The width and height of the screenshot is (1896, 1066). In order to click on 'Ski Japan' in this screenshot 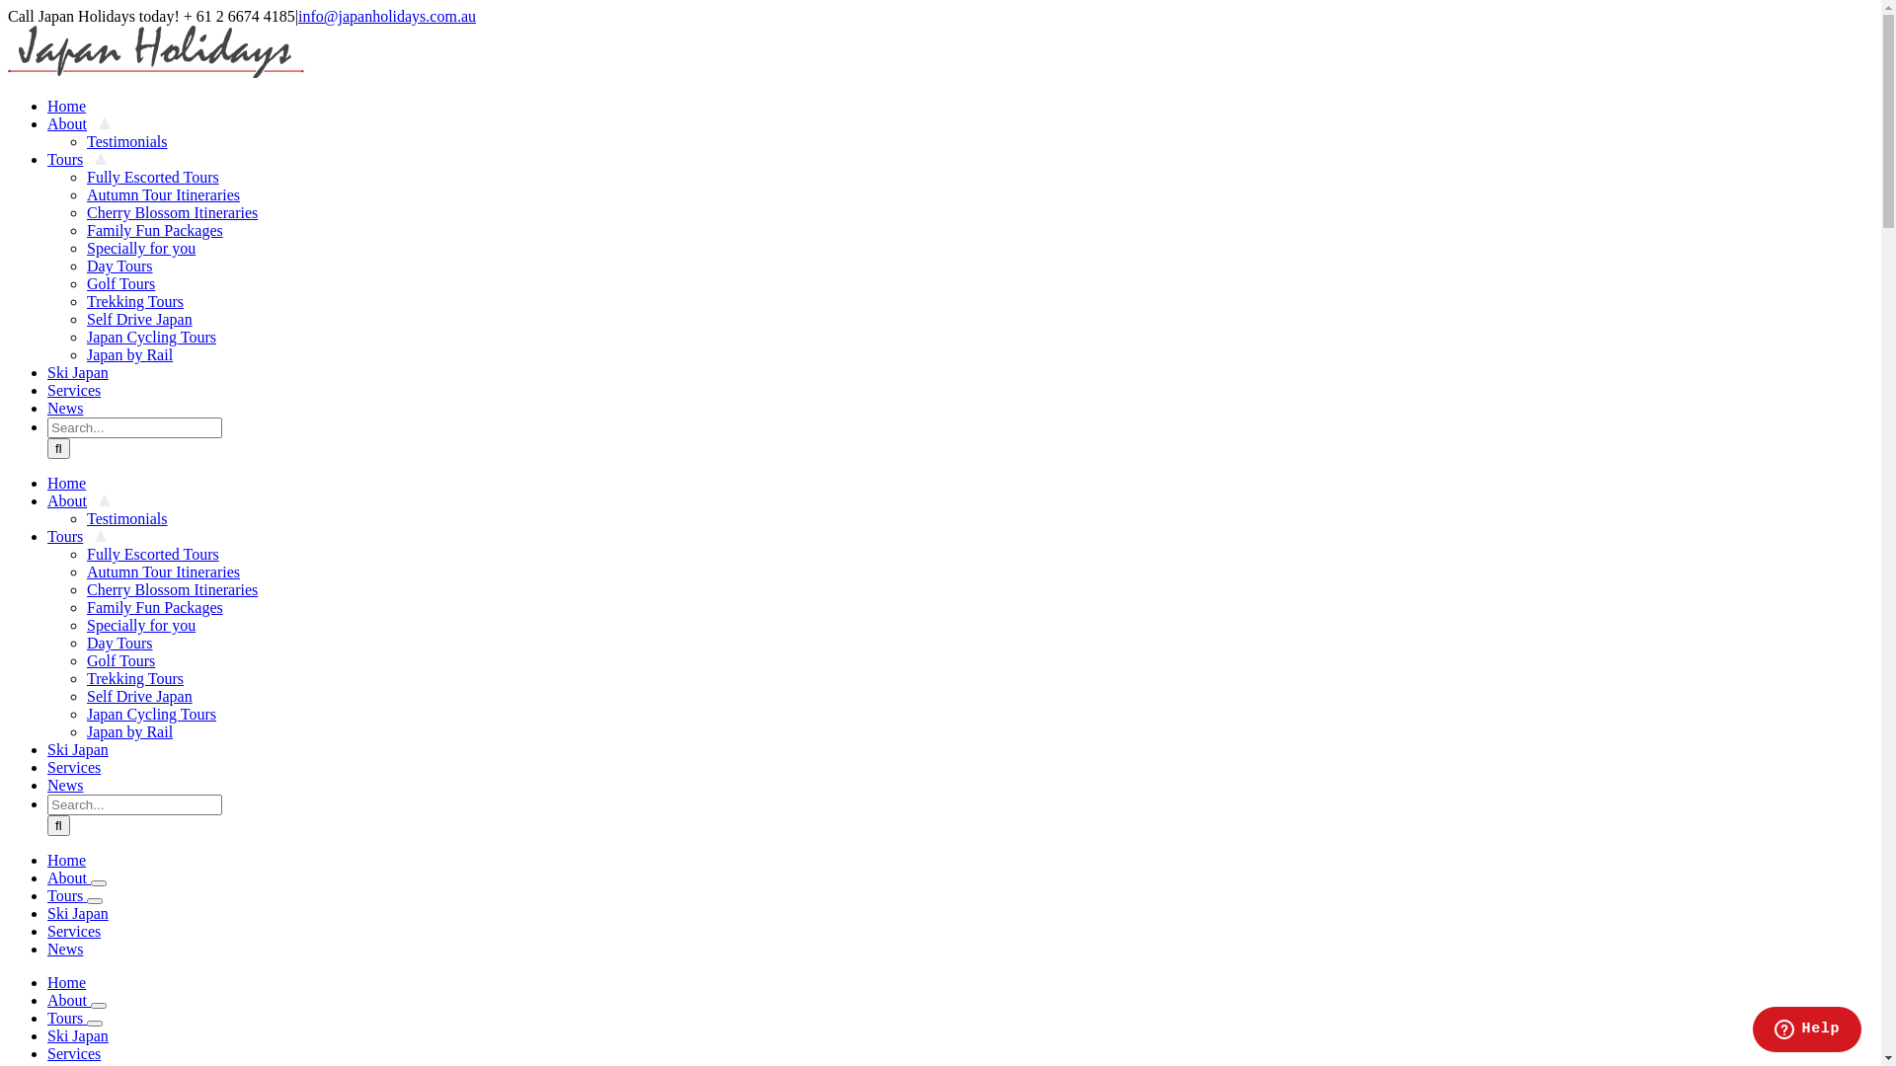, I will do `click(83, 372)`.